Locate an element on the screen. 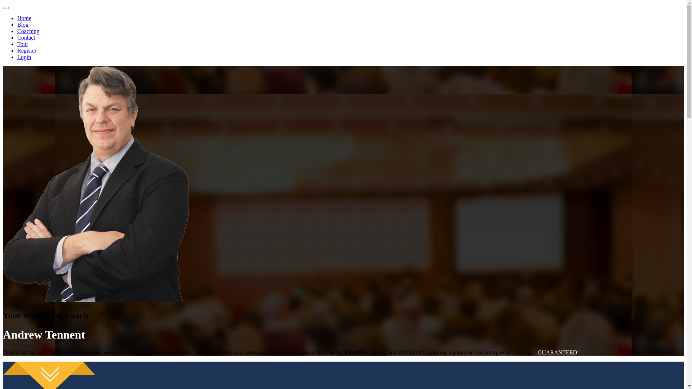  'Tour' is located at coordinates (22, 44).